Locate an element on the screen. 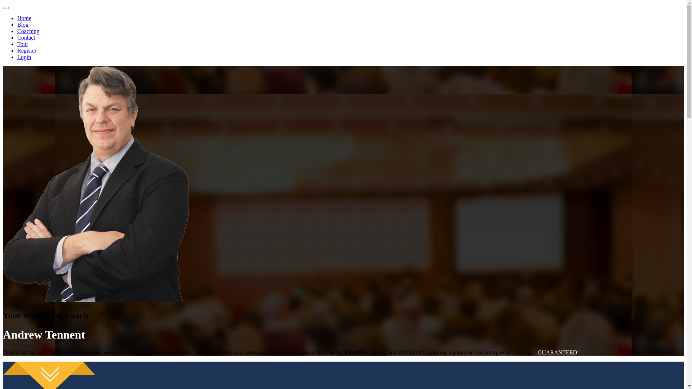  'Tour' is located at coordinates (22, 44).